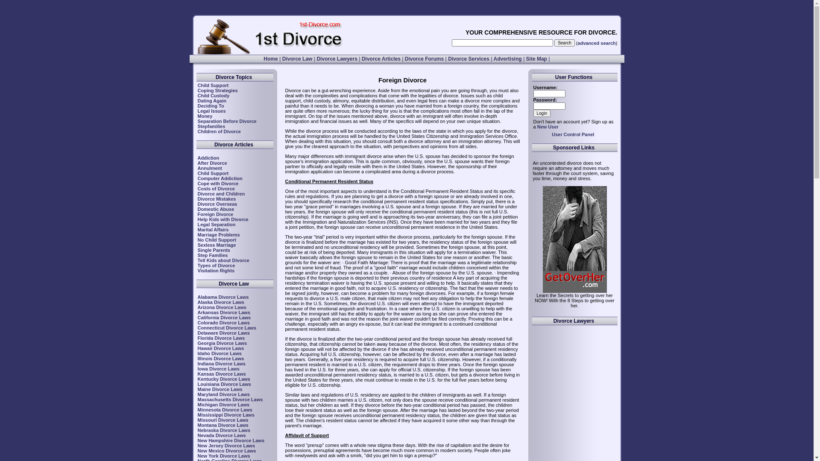  Describe the element at coordinates (196, 224) in the screenshot. I see `'Legal Separation'` at that location.